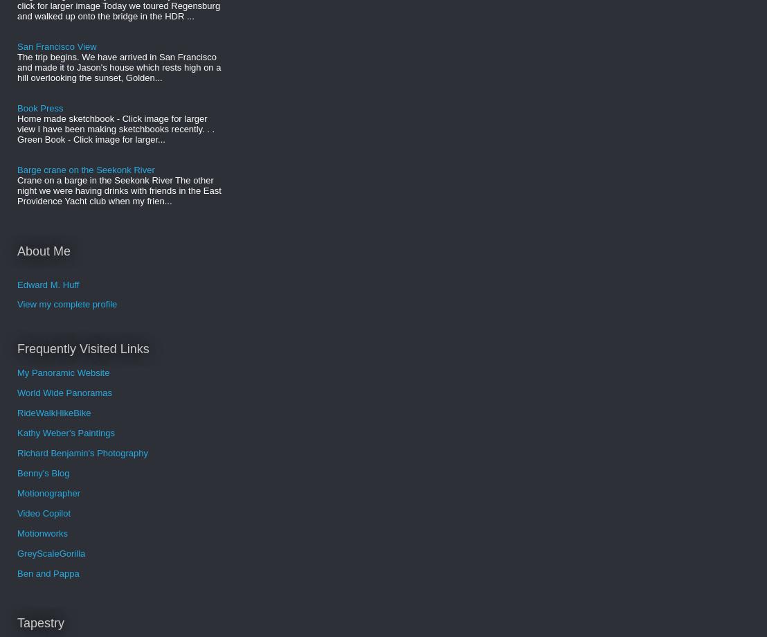 Image resolution: width=767 pixels, height=637 pixels. What do you see at coordinates (42, 472) in the screenshot?
I see `'Benny's Blog'` at bounding box center [42, 472].